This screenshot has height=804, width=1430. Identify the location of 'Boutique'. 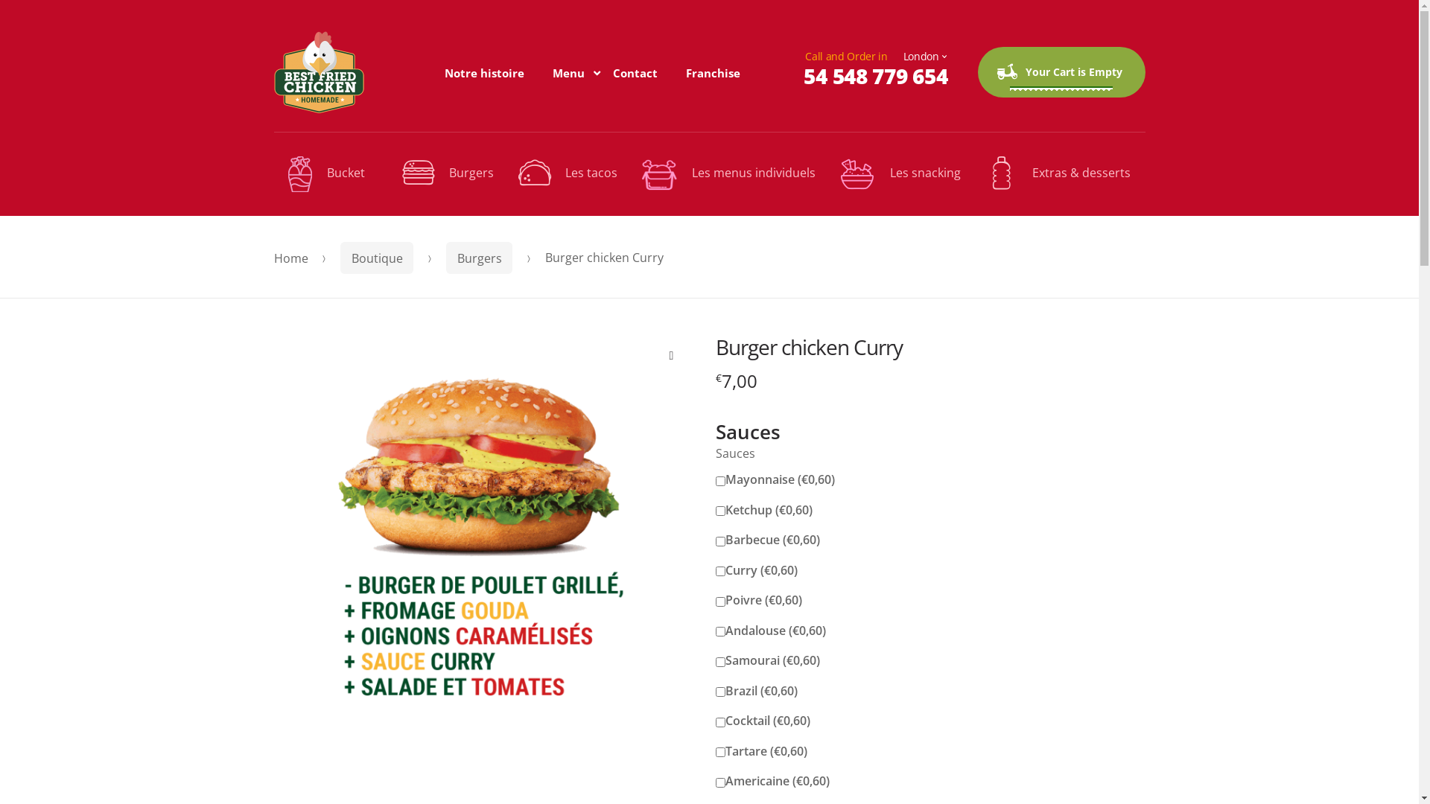
(377, 257).